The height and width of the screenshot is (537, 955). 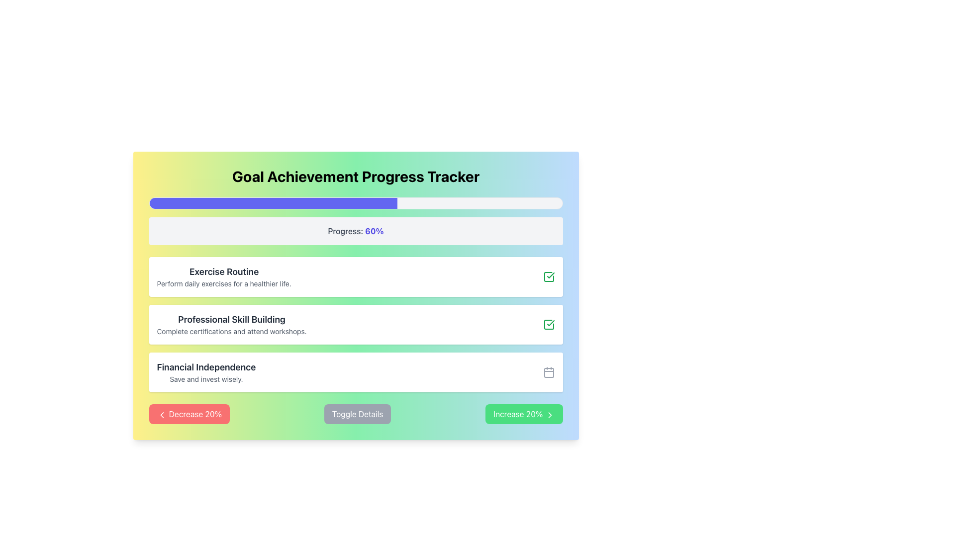 What do you see at coordinates (548, 372) in the screenshot?
I see `the calendar icon within the 'Financial Independence' task row` at bounding box center [548, 372].